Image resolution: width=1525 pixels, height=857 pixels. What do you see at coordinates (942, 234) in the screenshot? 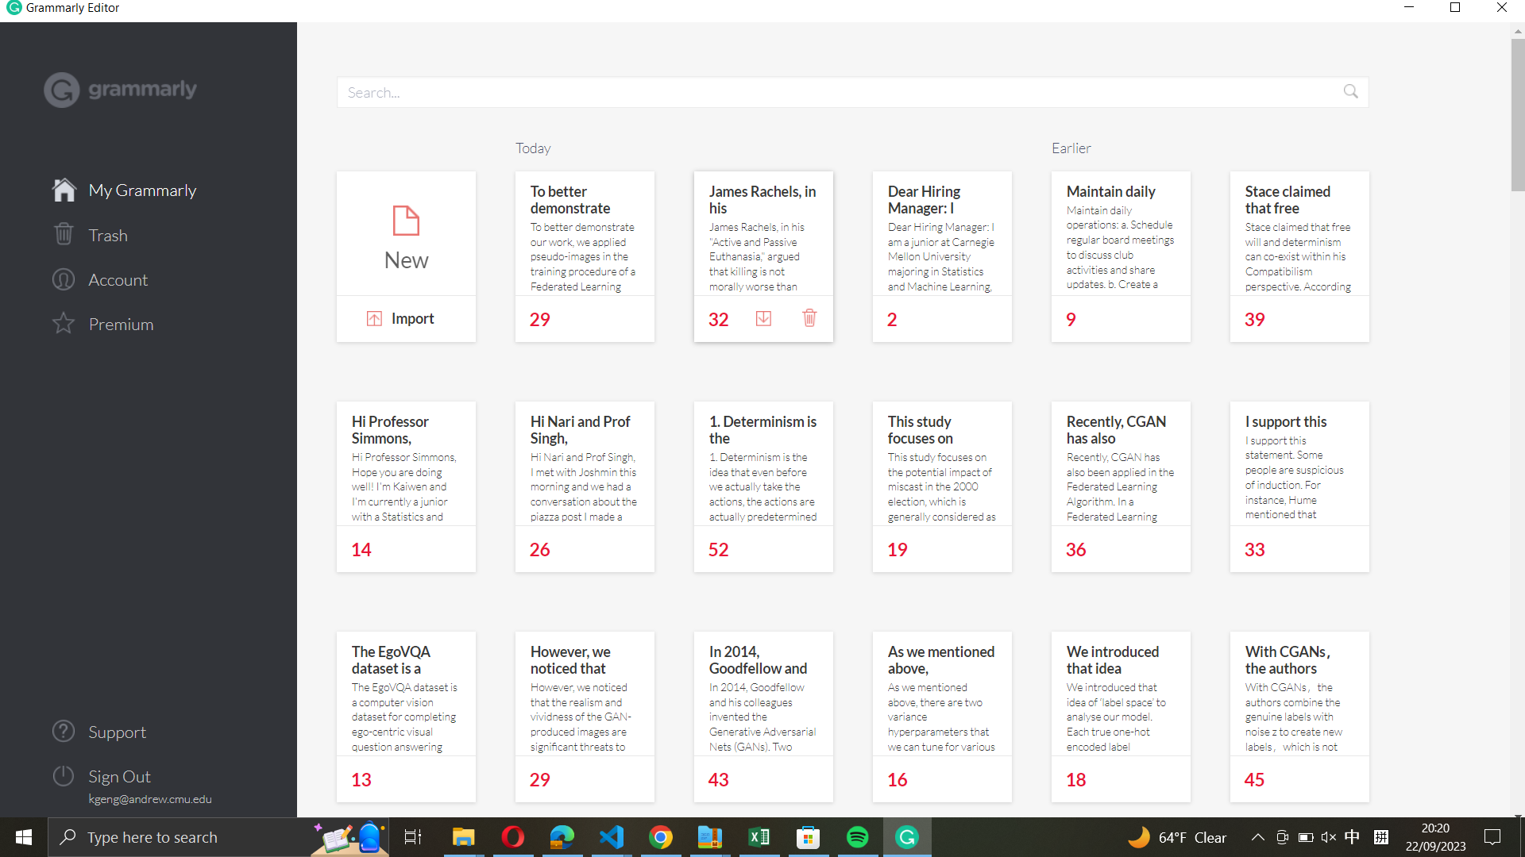
I see `the note for the hiring manager` at bounding box center [942, 234].